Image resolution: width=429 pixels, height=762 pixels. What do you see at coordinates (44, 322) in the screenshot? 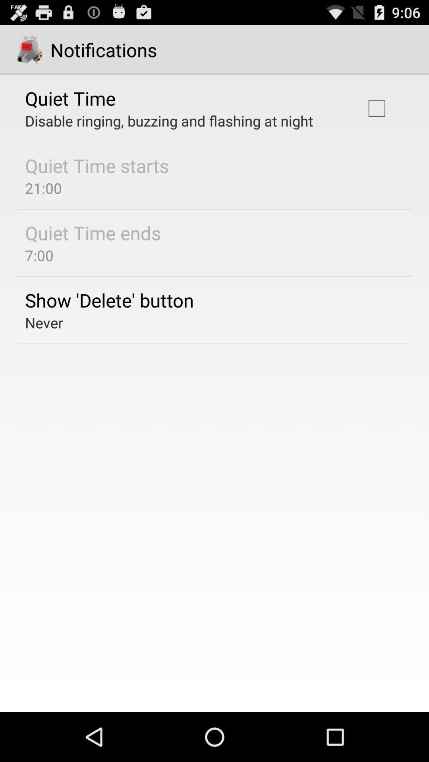
I see `the never icon` at bounding box center [44, 322].